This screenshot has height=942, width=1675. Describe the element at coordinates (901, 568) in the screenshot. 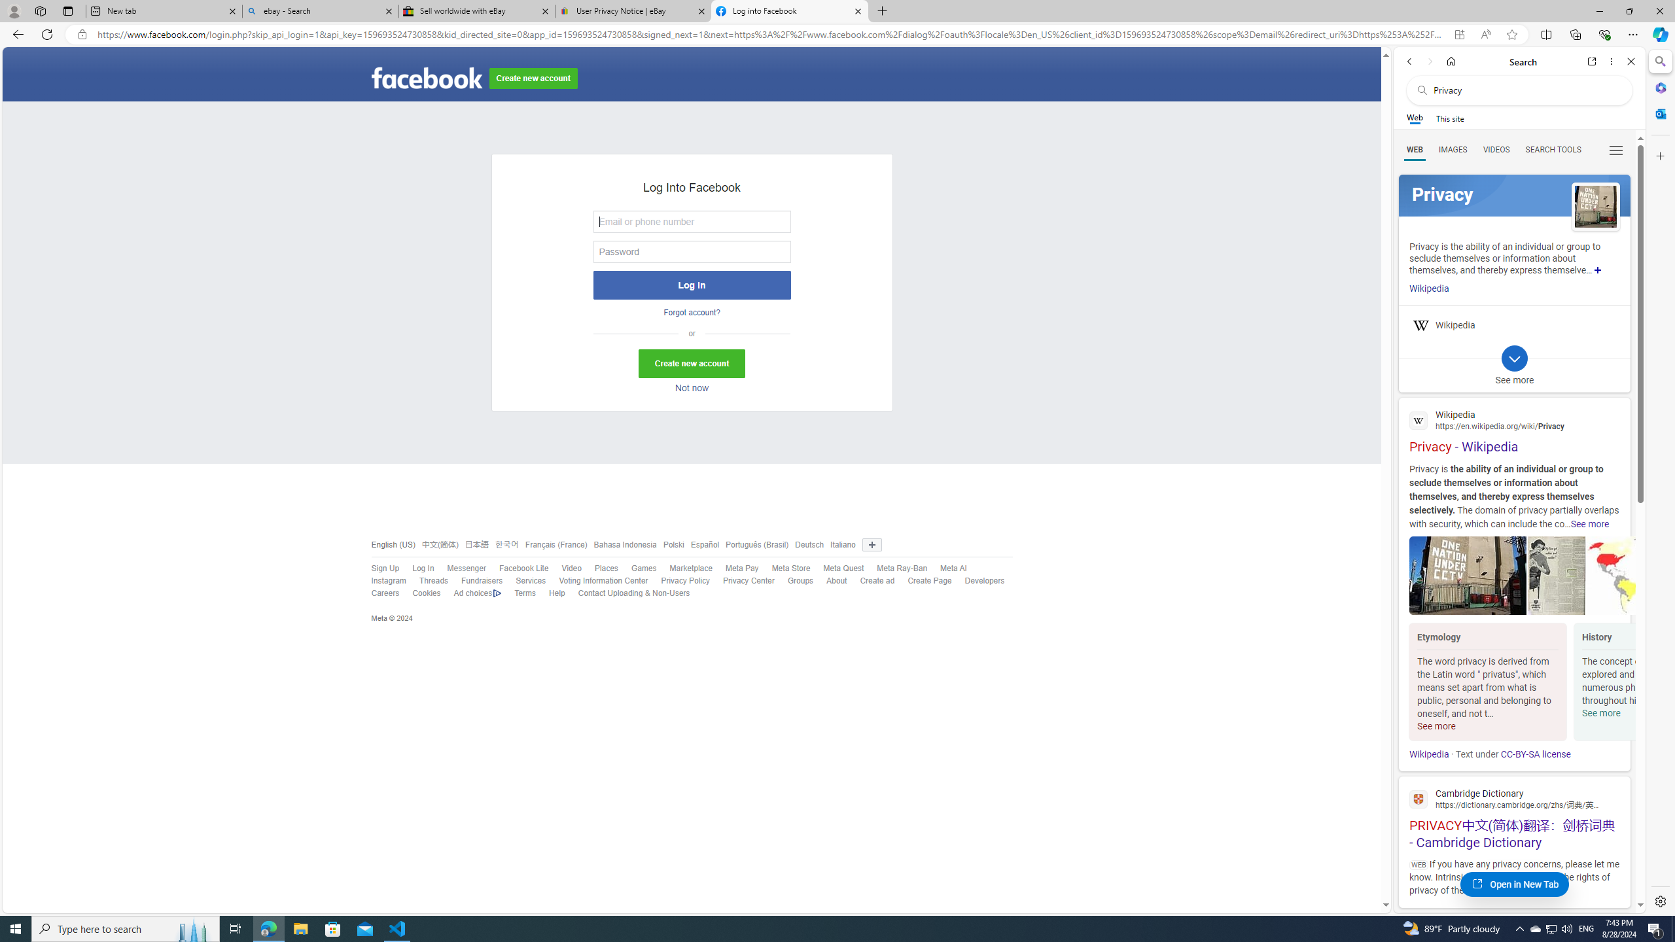

I see `'Meta Ray-Ban'` at that location.